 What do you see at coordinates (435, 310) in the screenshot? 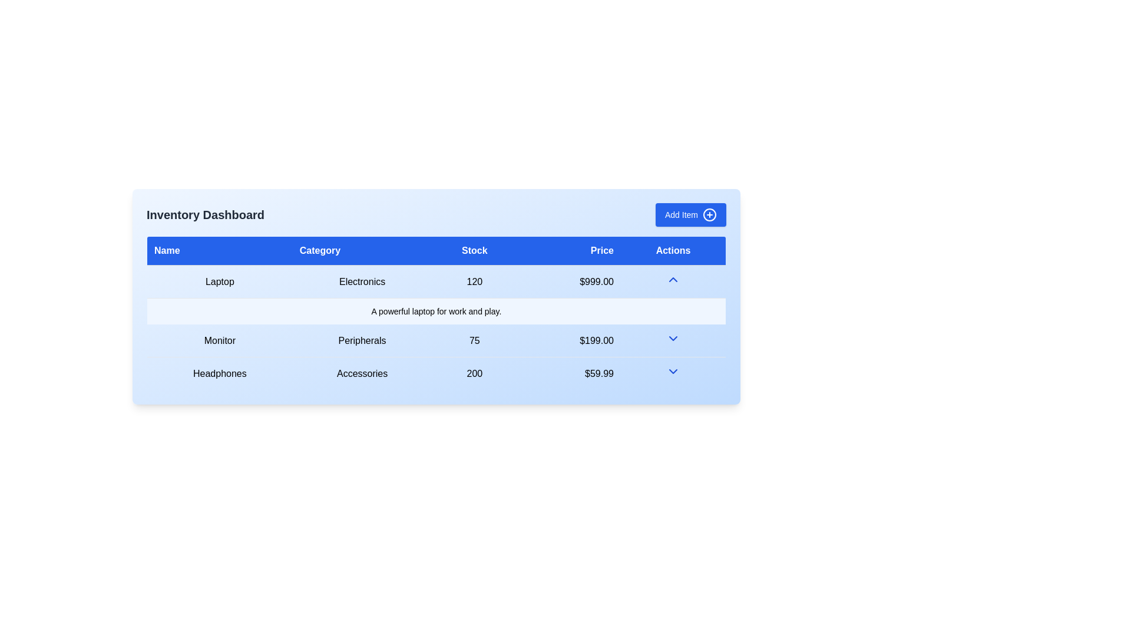
I see `the text element that describes a product, saying 'A powerful laptop for work and play,' which is located in the table under the 'Laptop' section` at bounding box center [435, 310].